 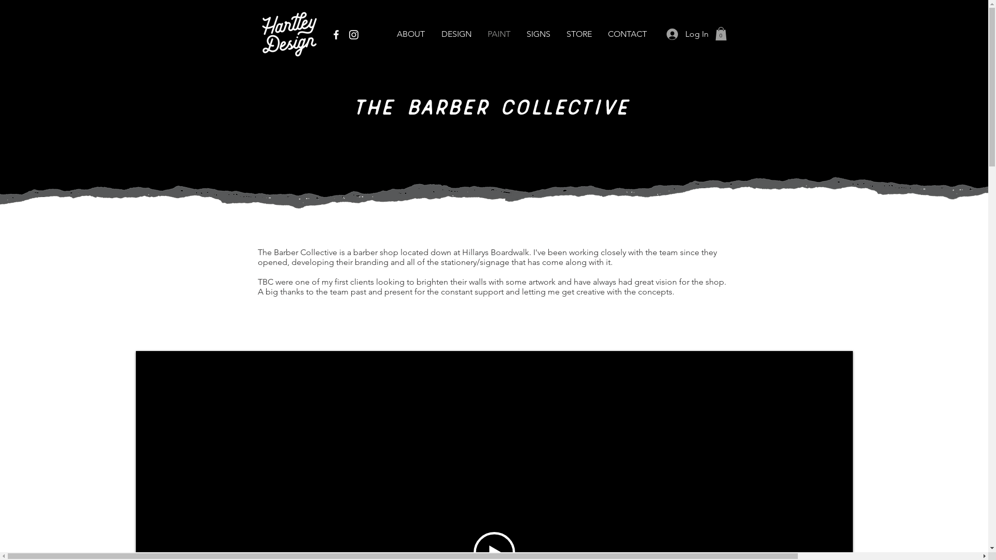 What do you see at coordinates (720, 33) in the screenshot?
I see `'0'` at bounding box center [720, 33].